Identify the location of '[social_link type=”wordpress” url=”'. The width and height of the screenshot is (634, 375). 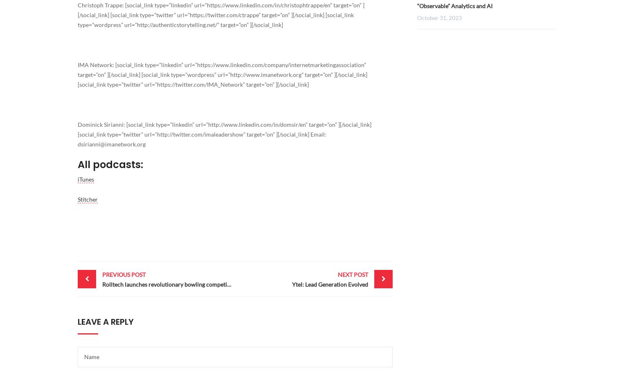
(215, 20).